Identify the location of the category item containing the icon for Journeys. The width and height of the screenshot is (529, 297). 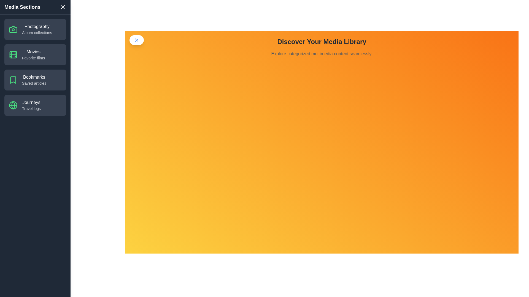
(13, 105).